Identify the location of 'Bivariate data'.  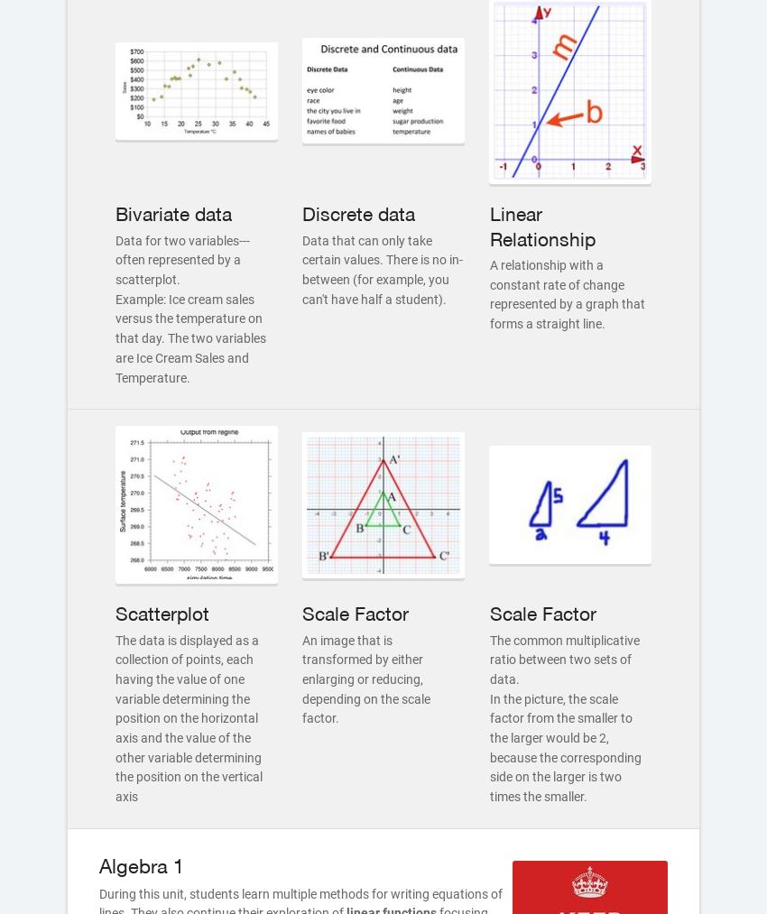
(172, 213).